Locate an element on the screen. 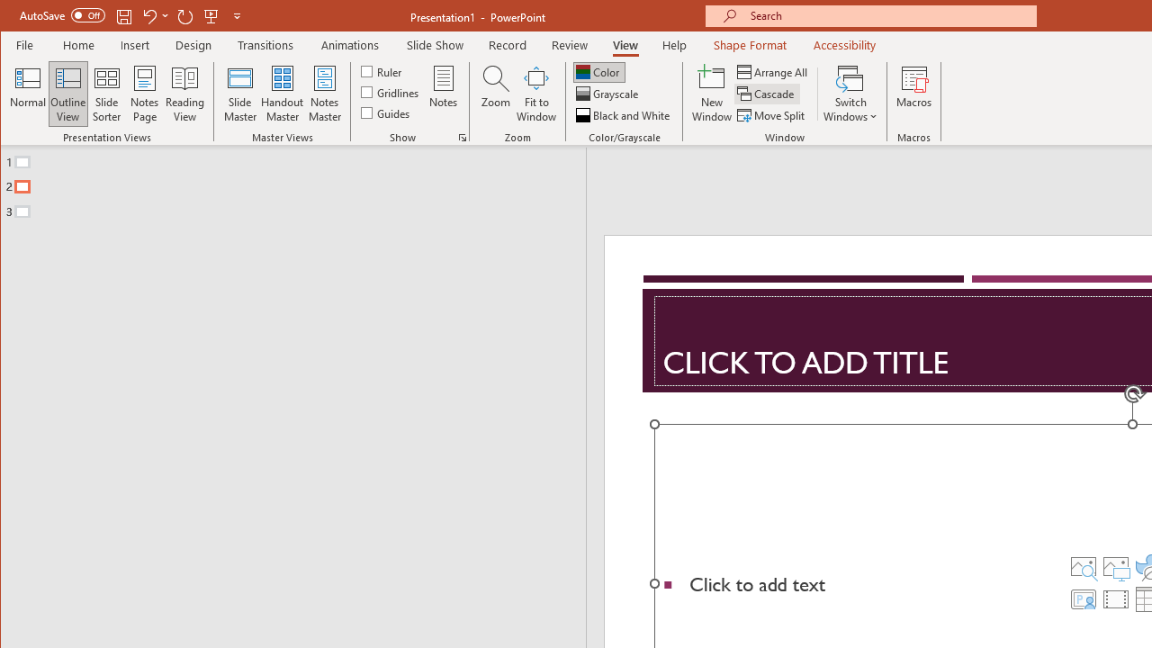 This screenshot has width=1152, height=648. 'Color' is located at coordinates (599, 71).